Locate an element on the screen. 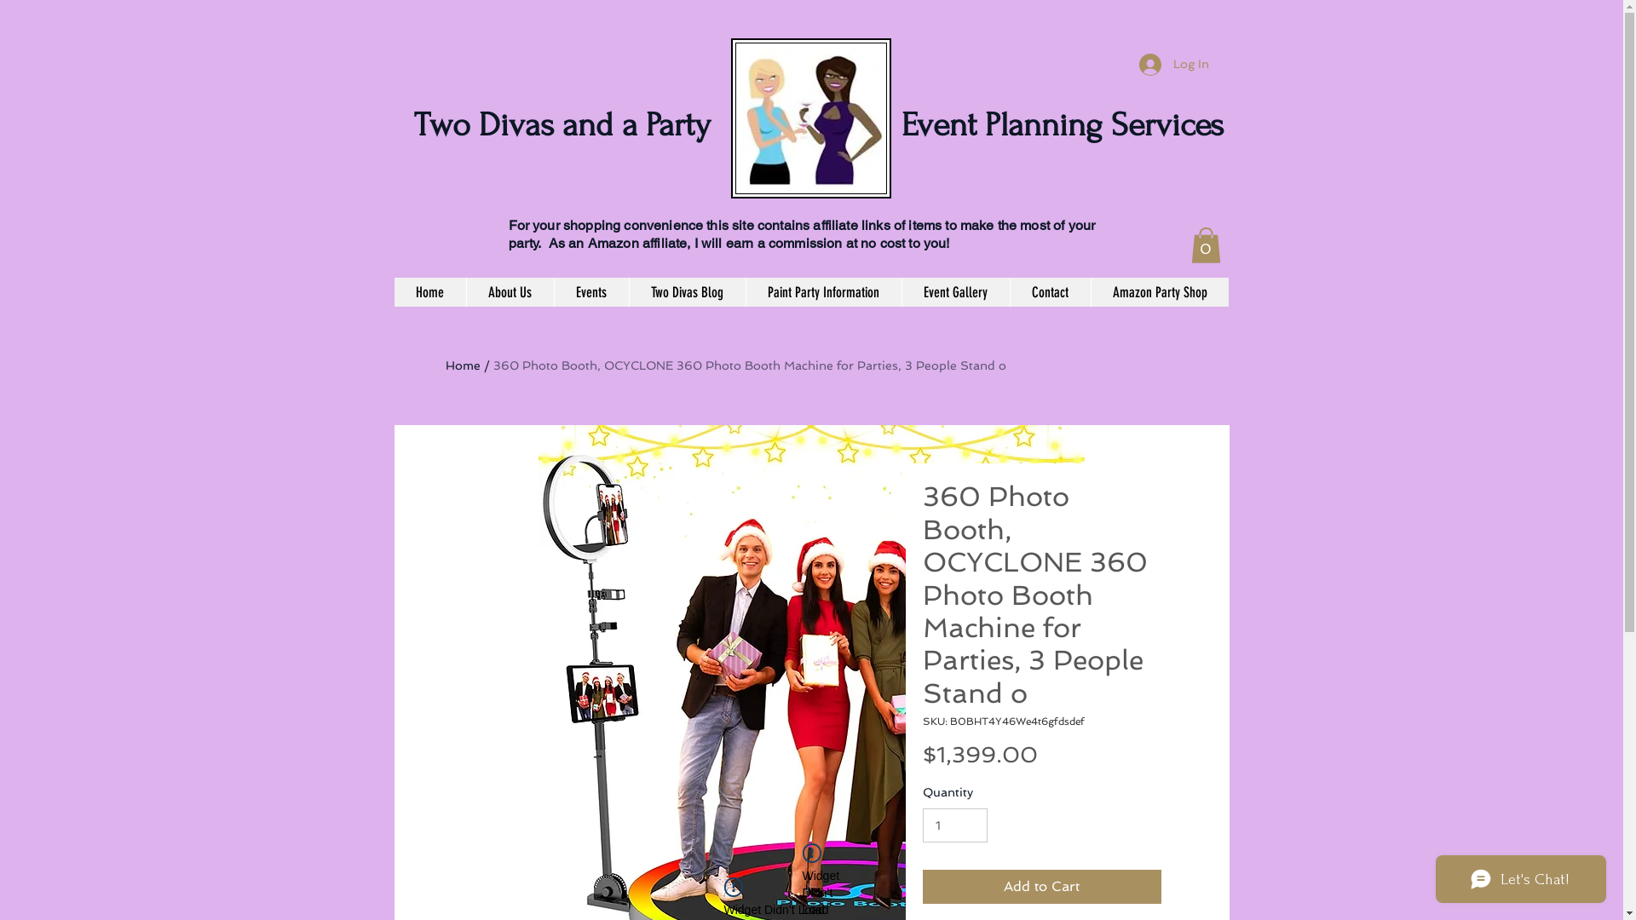 The image size is (1636, 920). 'Events' is located at coordinates (553, 291).